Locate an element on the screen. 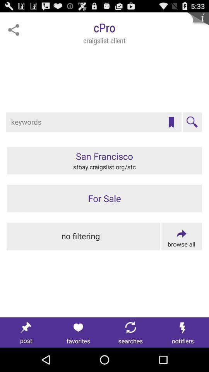 Image resolution: width=209 pixels, height=372 pixels. bookmark is located at coordinates (171, 122).